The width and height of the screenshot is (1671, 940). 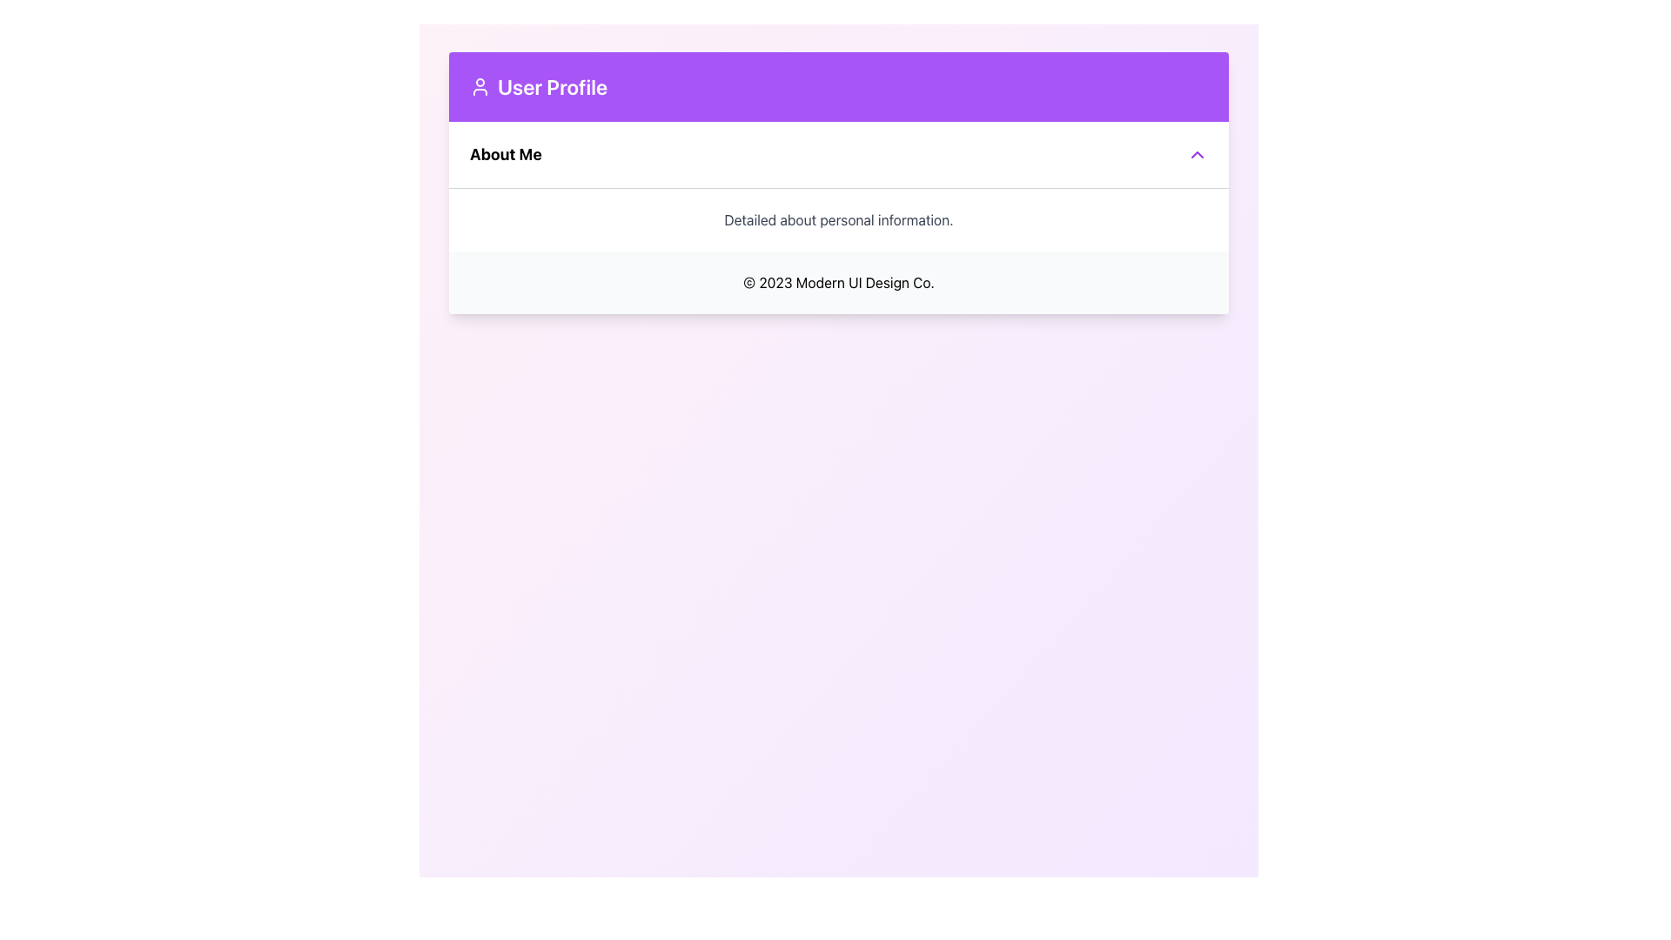 What do you see at coordinates (839, 219) in the screenshot?
I see `the descriptive text element that provides additional details about the user's personal information, located below the 'About Me' section and above the copyright note` at bounding box center [839, 219].